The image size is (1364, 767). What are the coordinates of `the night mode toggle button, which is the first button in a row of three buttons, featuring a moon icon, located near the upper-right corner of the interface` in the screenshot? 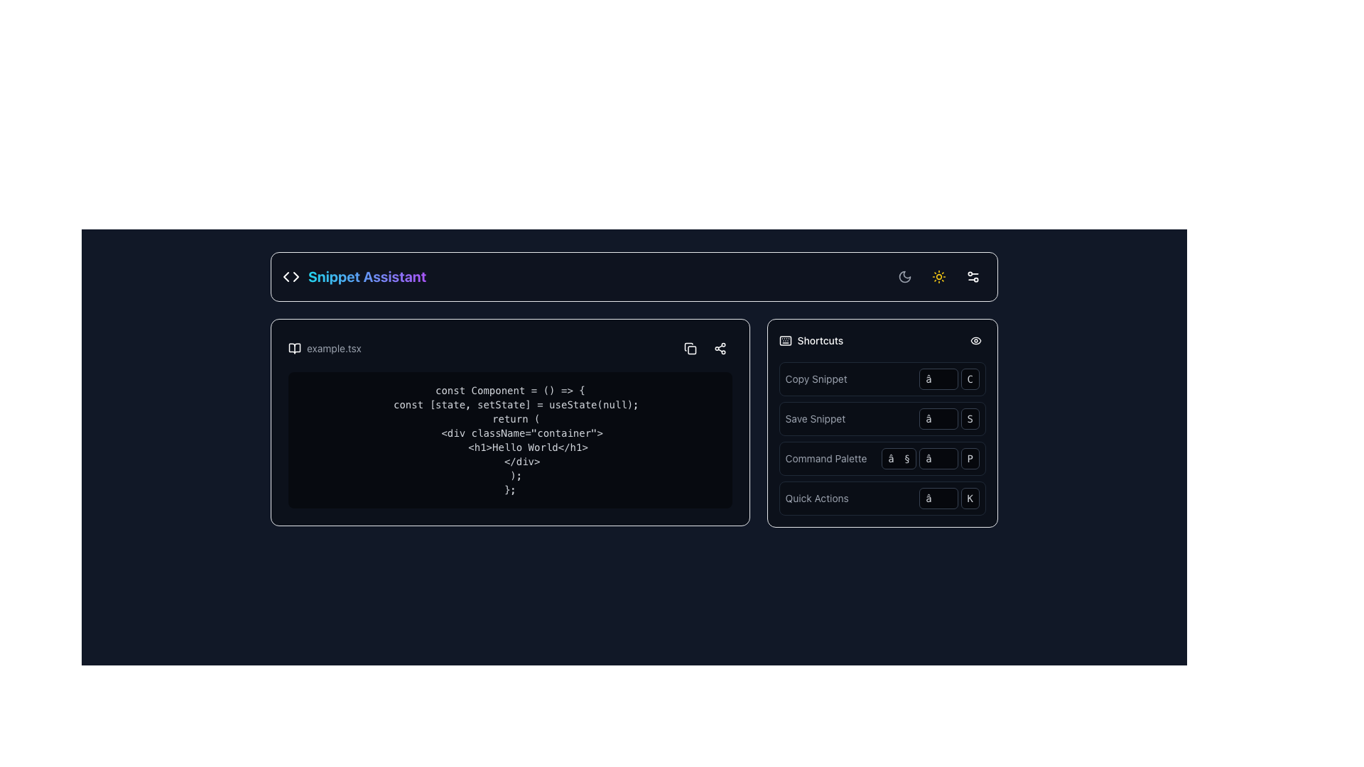 It's located at (904, 276).